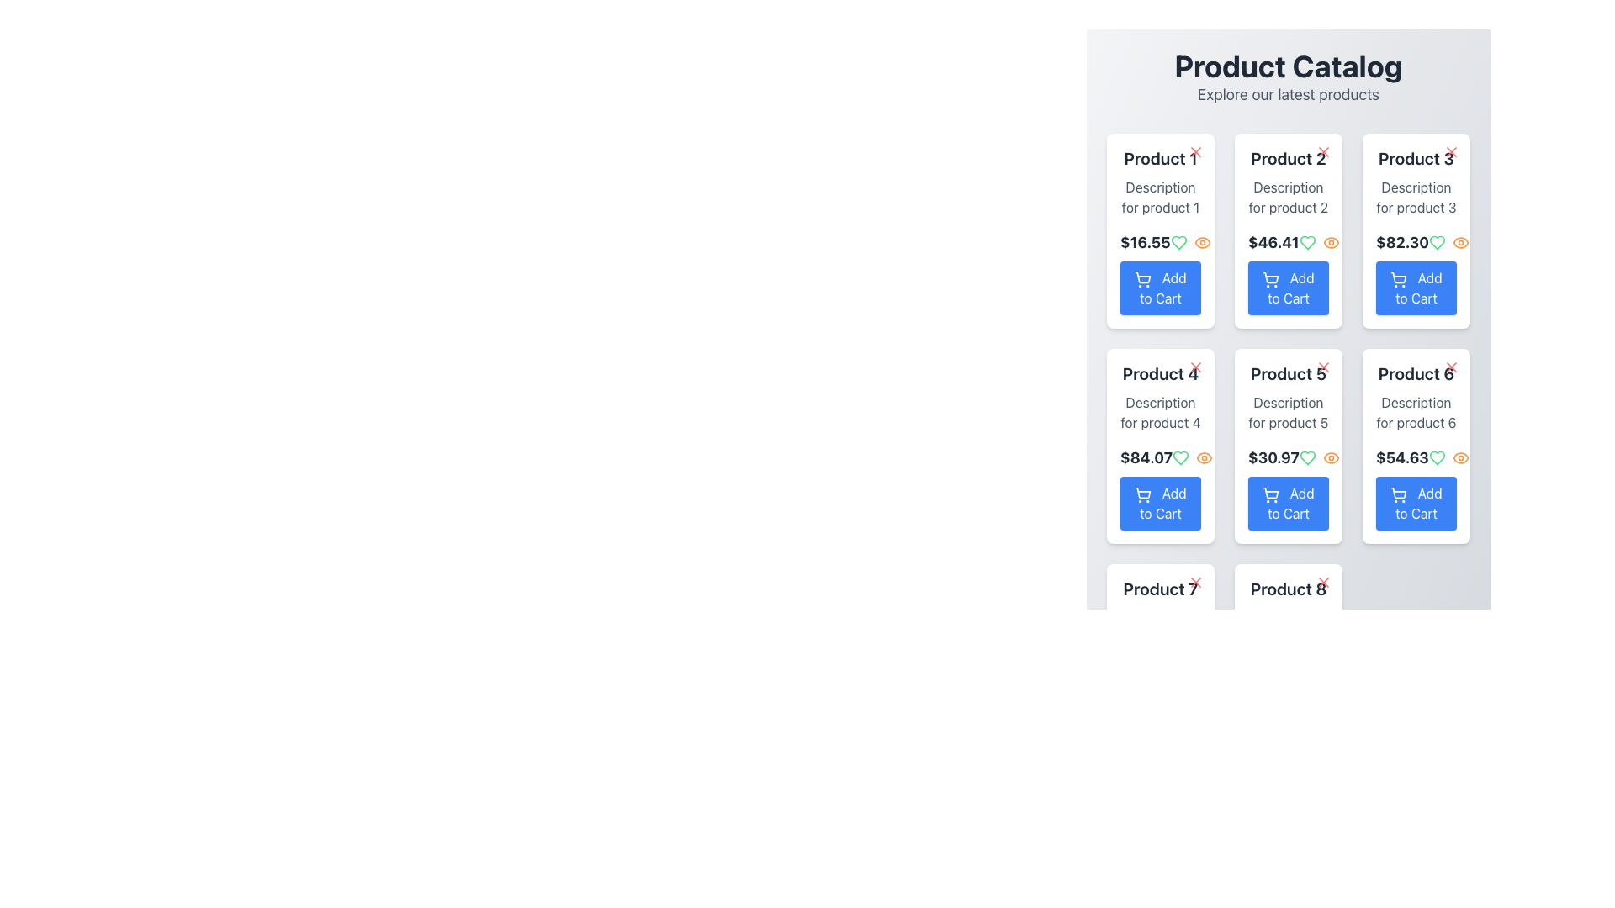 The image size is (1615, 908). Describe the element at coordinates (1180, 457) in the screenshot. I see `the heart icon button located in the card labeled 'Product 4' to mark the product as favorite` at that location.